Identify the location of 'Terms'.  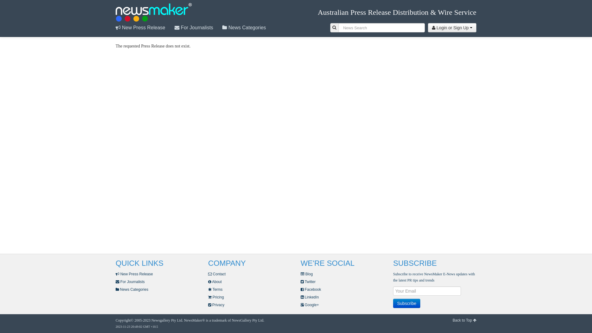
(208, 289).